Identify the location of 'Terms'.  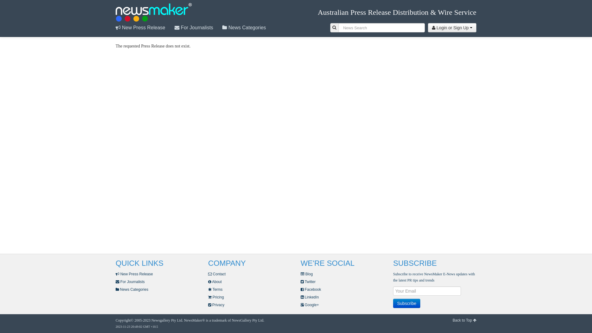
(208, 289).